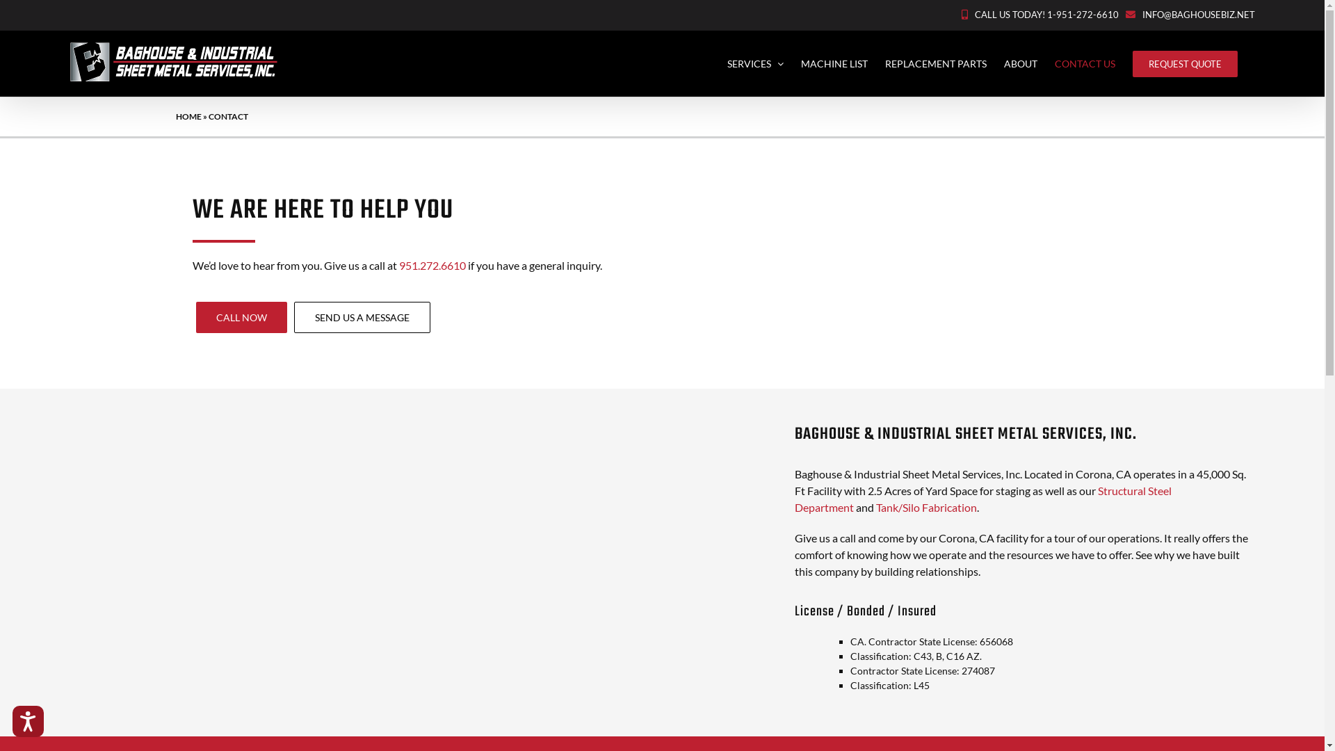 This screenshot has width=1335, height=751. What do you see at coordinates (1184, 63) in the screenshot?
I see `'REQUEST QUOTE'` at bounding box center [1184, 63].